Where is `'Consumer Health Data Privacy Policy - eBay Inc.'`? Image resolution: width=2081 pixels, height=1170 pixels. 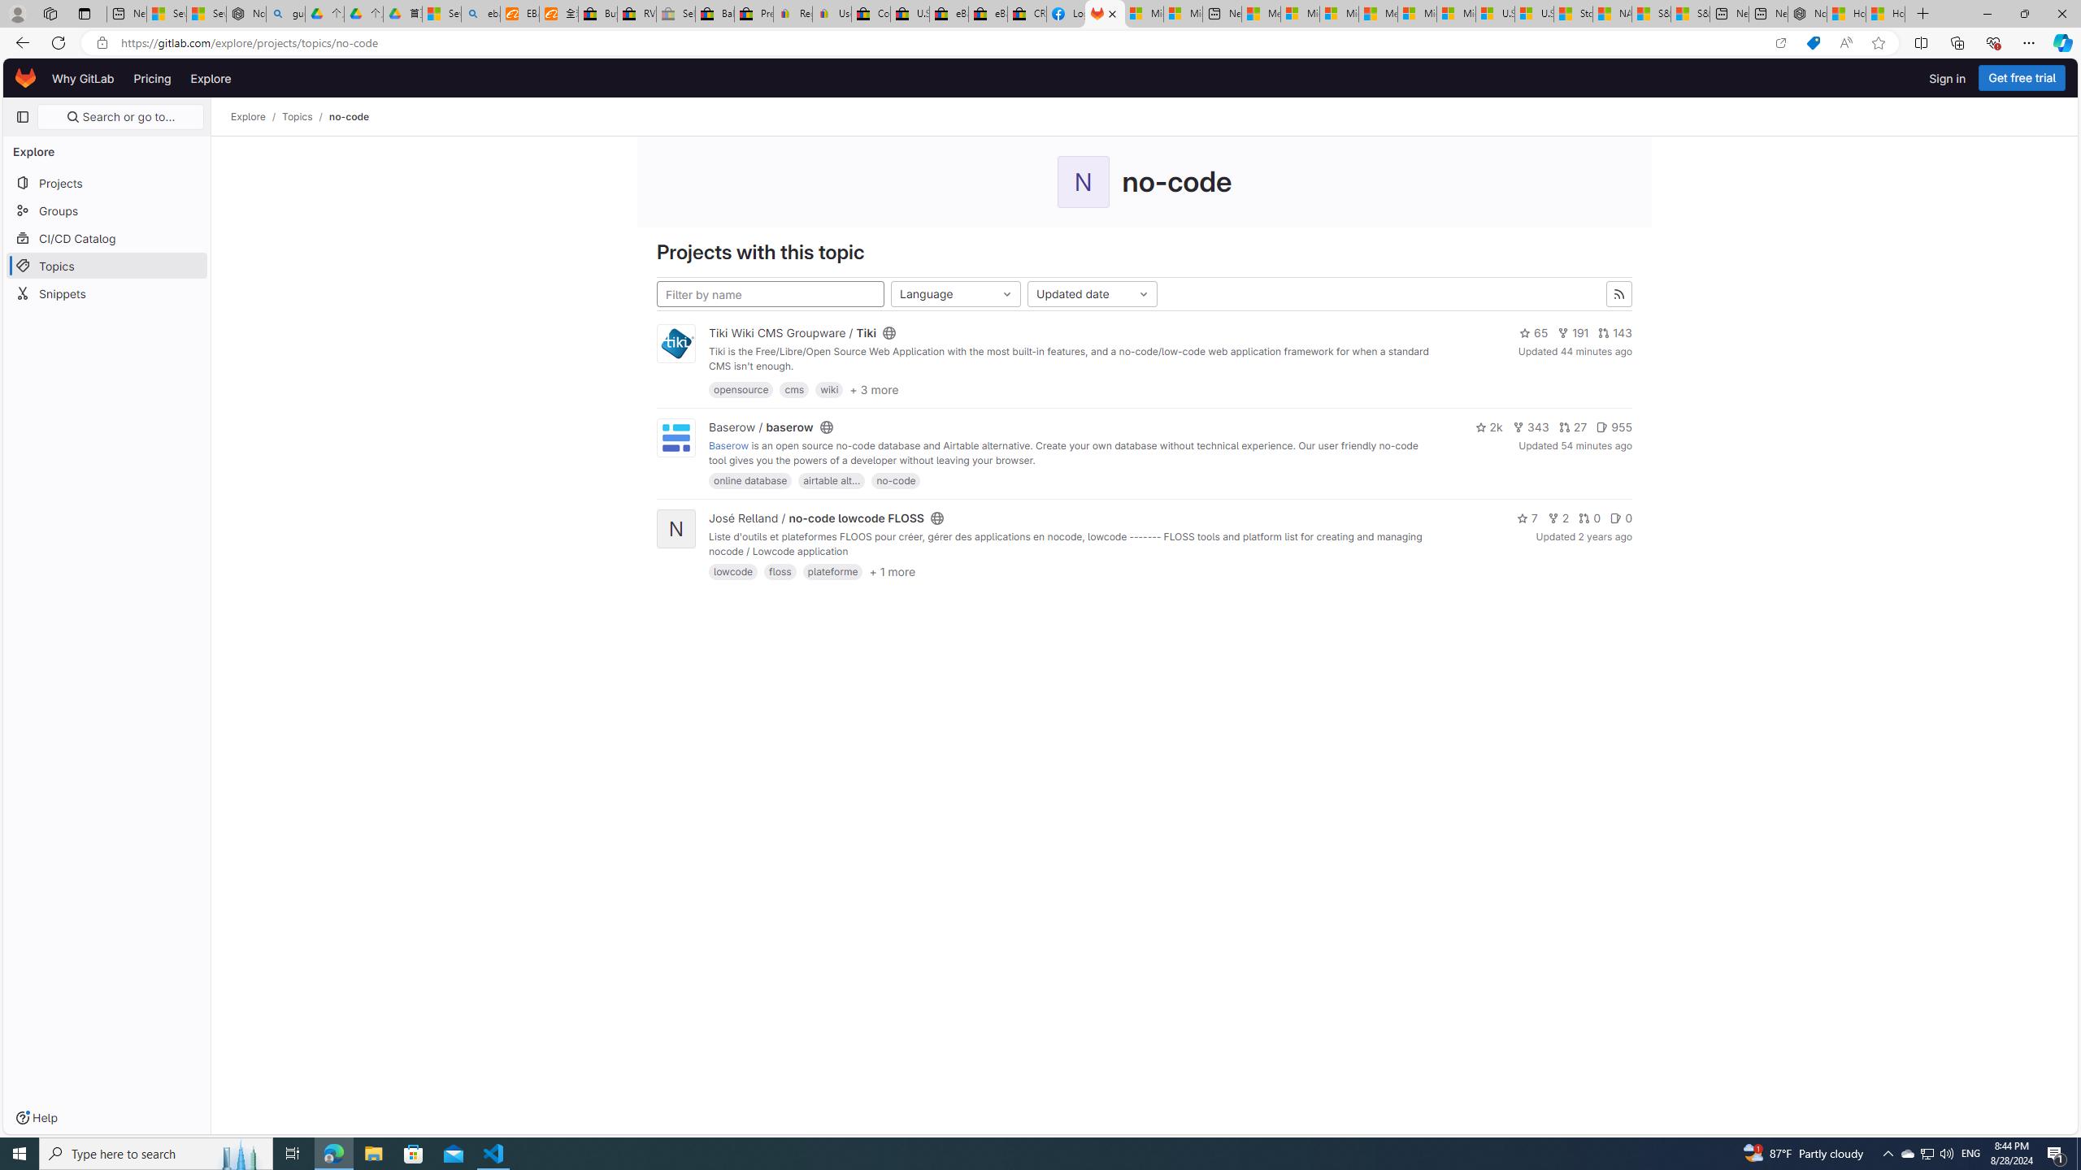 'Consumer Health Data Privacy Policy - eBay Inc.' is located at coordinates (871, 13).